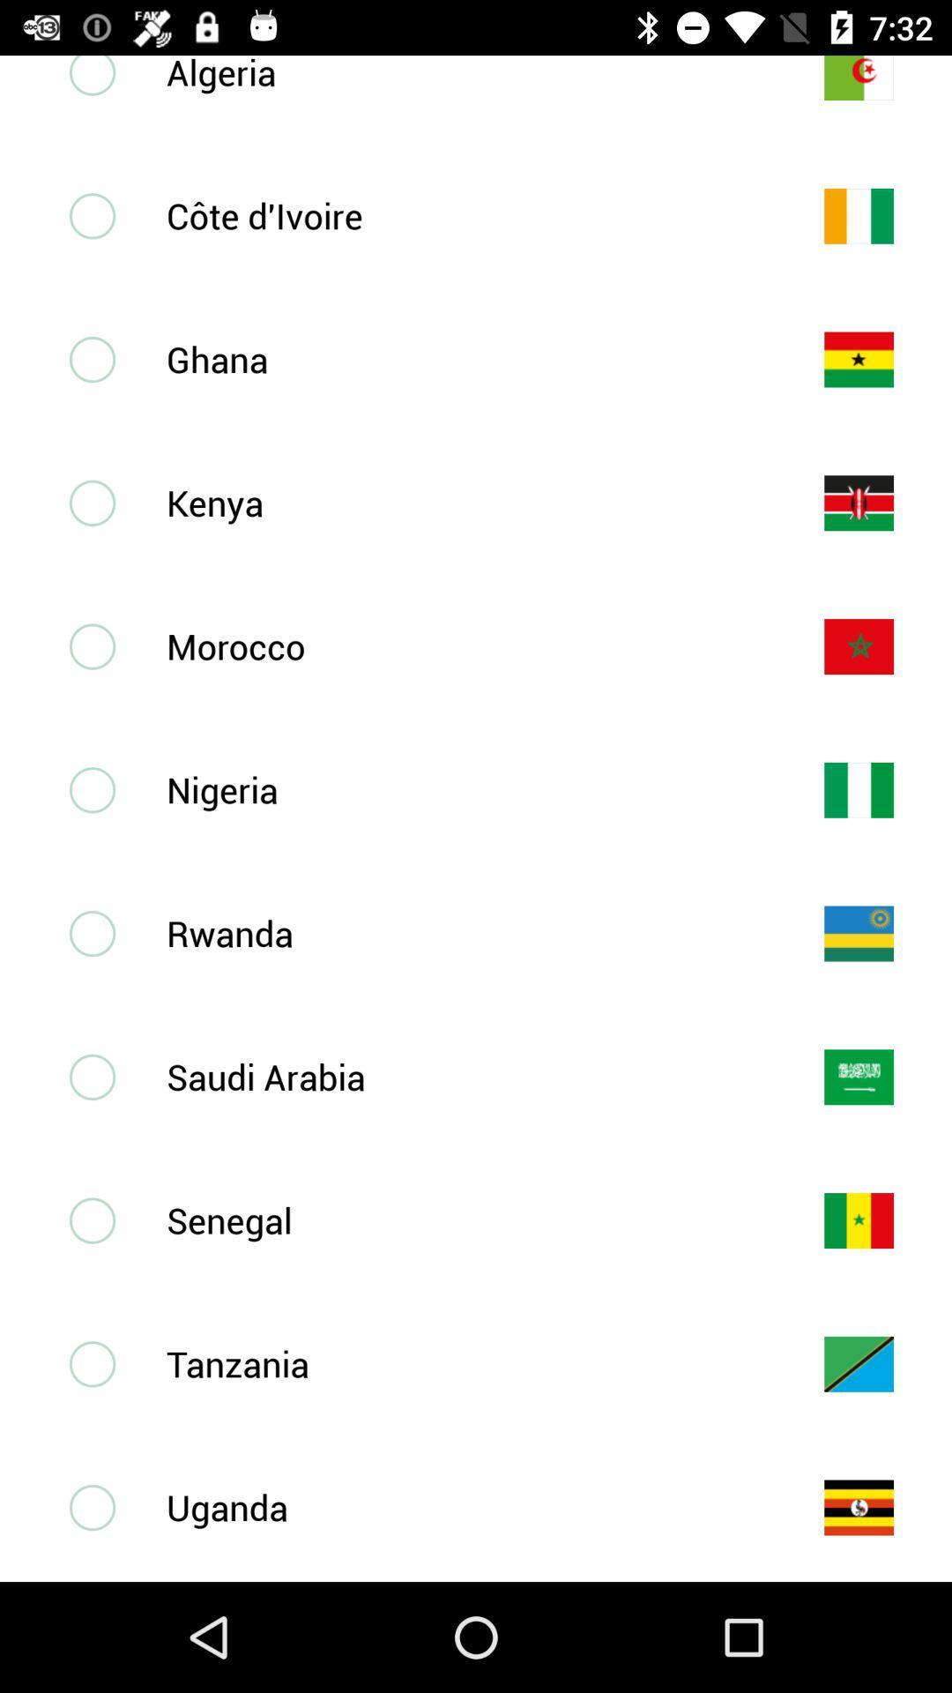 The width and height of the screenshot is (952, 1693). What do you see at coordinates (465, 74) in the screenshot?
I see `the algeria` at bounding box center [465, 74].